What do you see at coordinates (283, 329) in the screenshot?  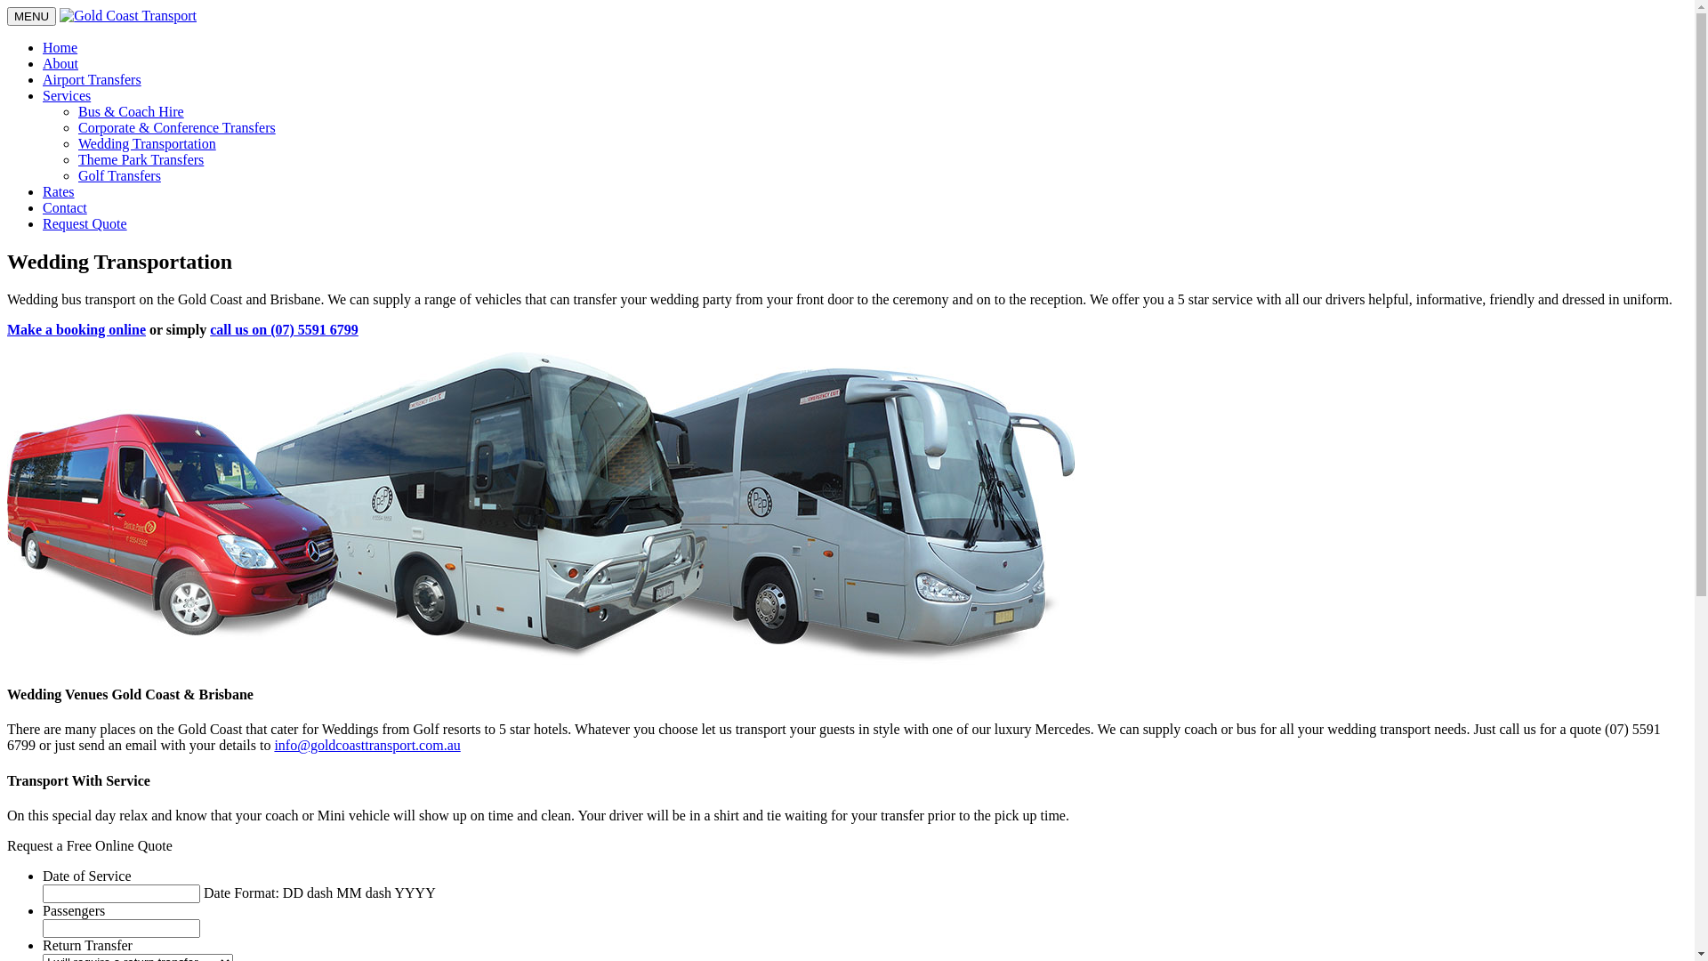 I see `'call us on (07) 5591 6799'` at bounding box center [283, 329].